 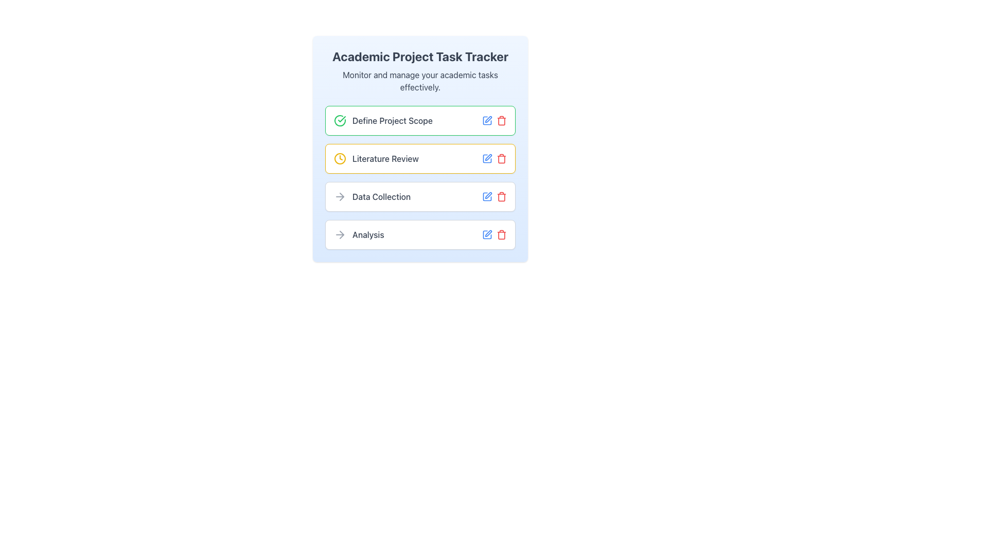 I want to click on the text label stating 'Monitor and manage your academic tasks effectively.' which is located below the heading 'Academic Project Task Tracker', so click(x=420, y=81).